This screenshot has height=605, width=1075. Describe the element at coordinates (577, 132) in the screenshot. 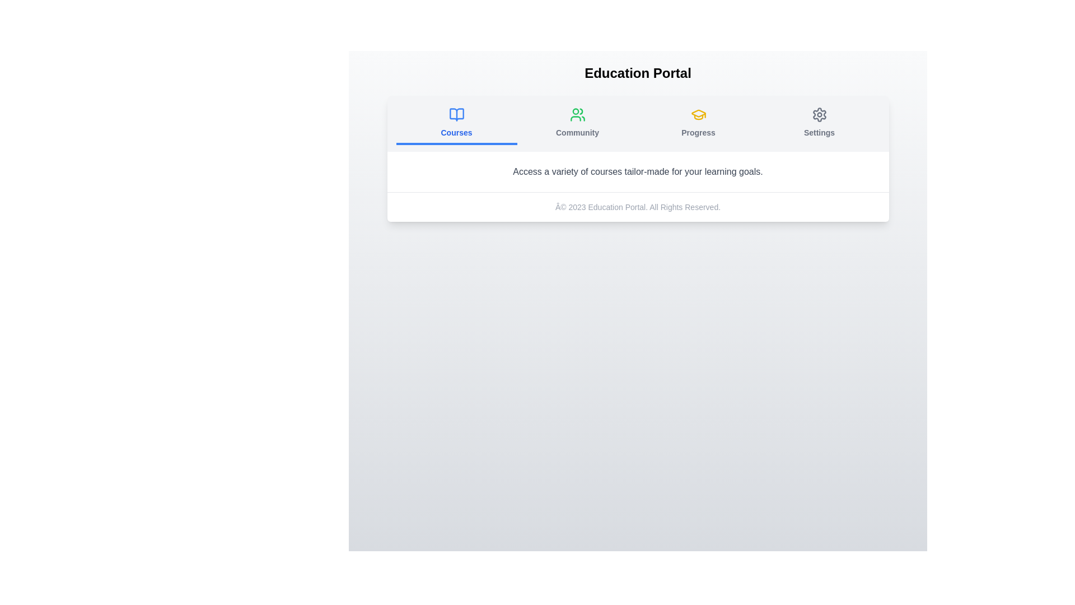

I see `text label indicating the community section in the navigation bar, located below the group of people icon and adjacent to 'Courses' and 'Progress'` at that location.